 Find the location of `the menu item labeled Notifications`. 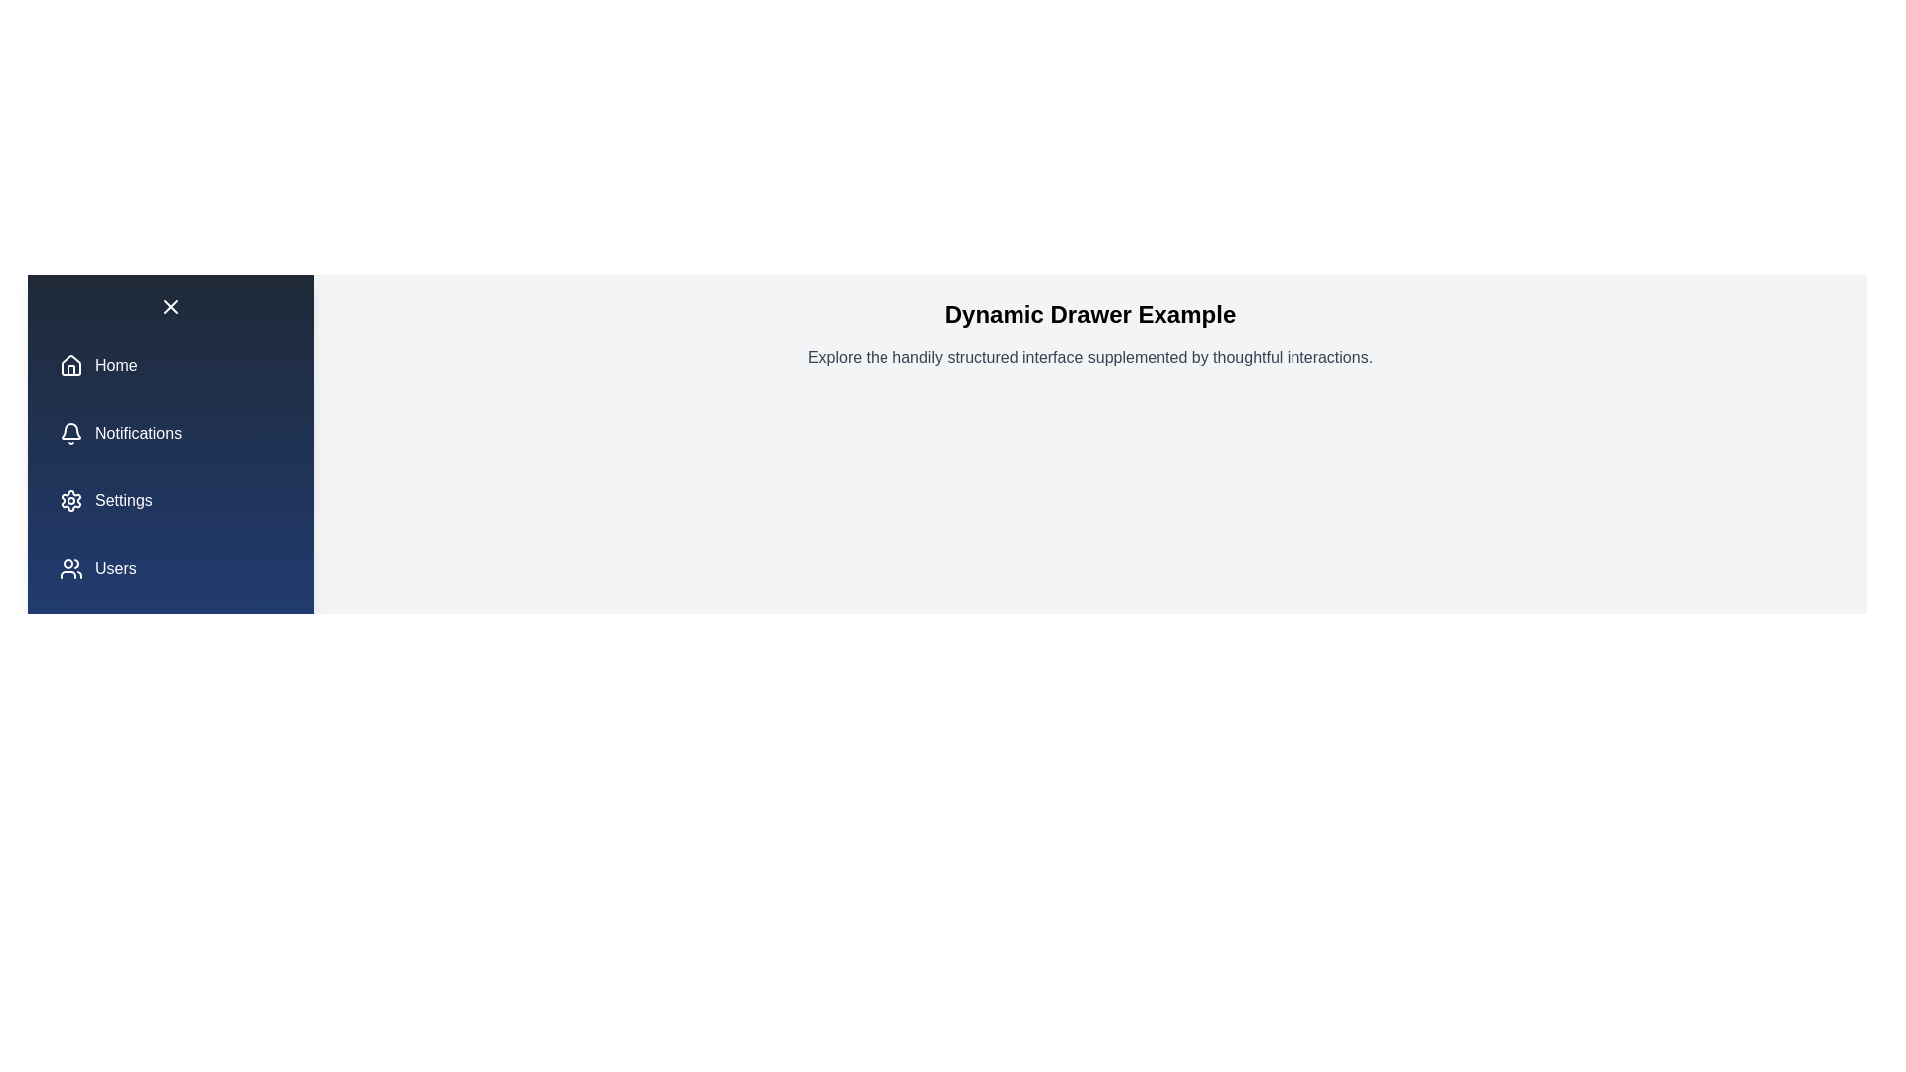

the menu item labeled Notifications is located at coordinates (171, 432).